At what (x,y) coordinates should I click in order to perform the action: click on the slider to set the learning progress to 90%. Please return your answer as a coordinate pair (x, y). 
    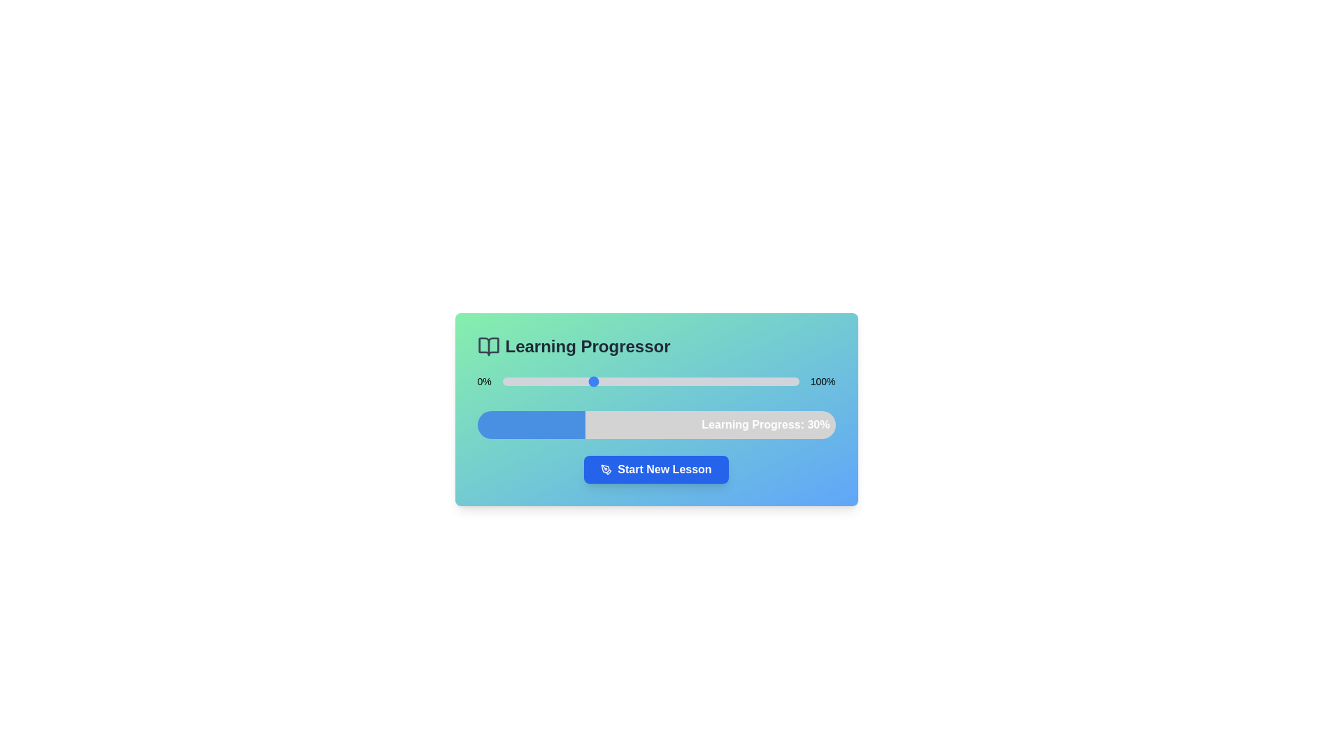
    Looking at the image, I should click on (769, 382).